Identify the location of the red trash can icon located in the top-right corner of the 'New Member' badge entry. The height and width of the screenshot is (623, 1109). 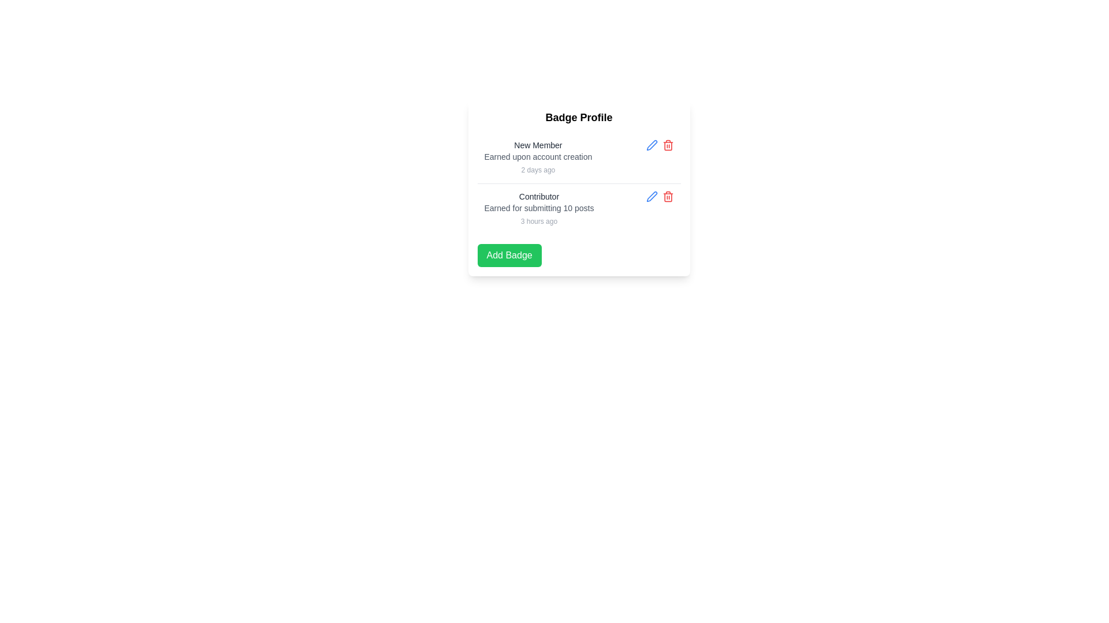
(660, 144).